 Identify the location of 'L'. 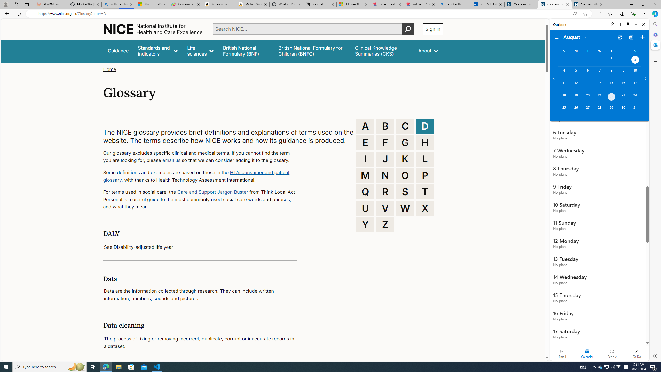
(425, 159).